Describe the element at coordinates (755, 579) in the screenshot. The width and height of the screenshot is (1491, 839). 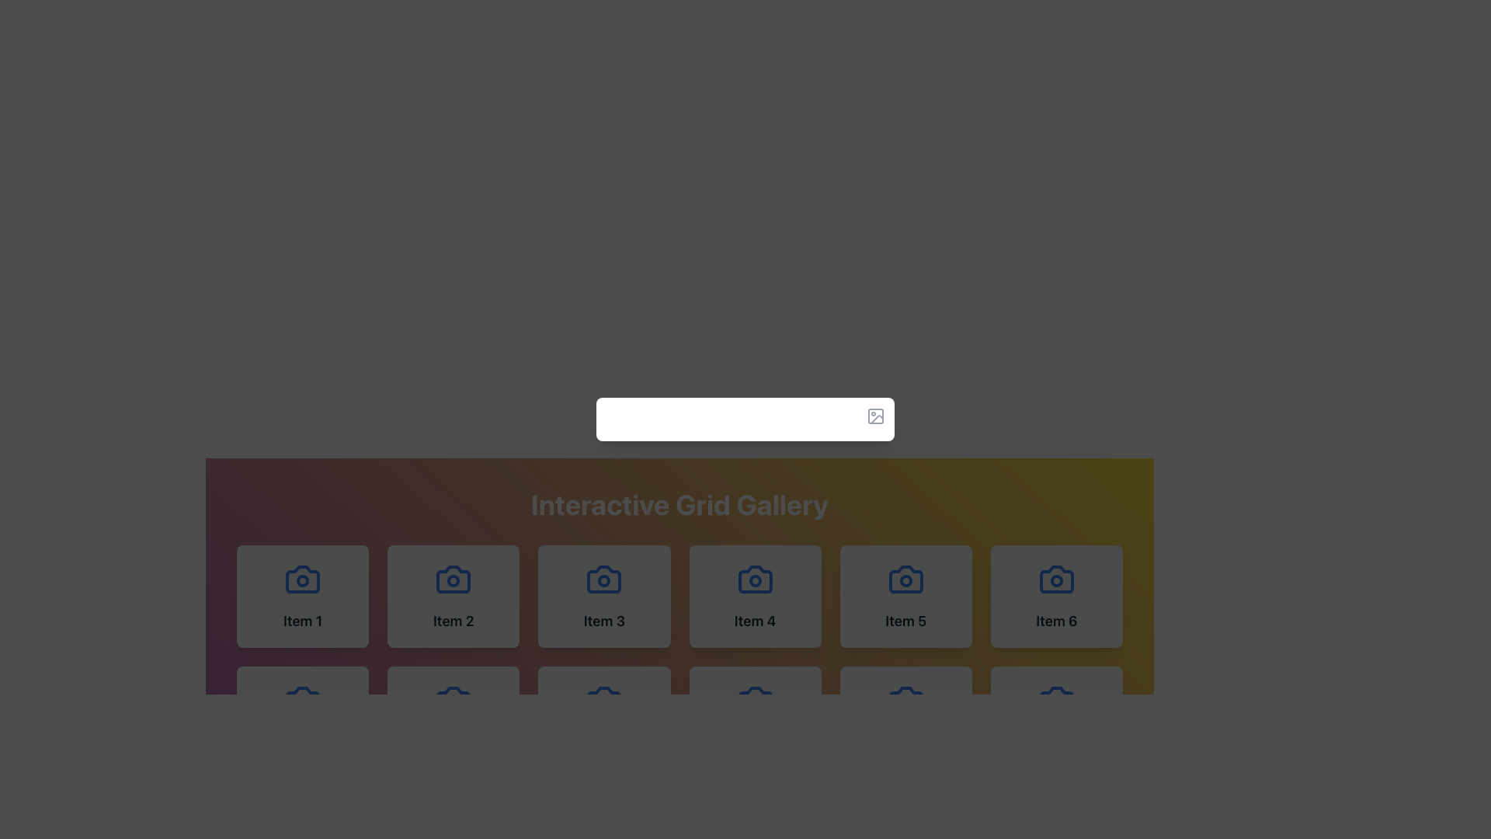
I see `the camera icon in the 'Item 4' card, which is visually associated with photography and centrally aligned above the text 'Item 4'` at that location.